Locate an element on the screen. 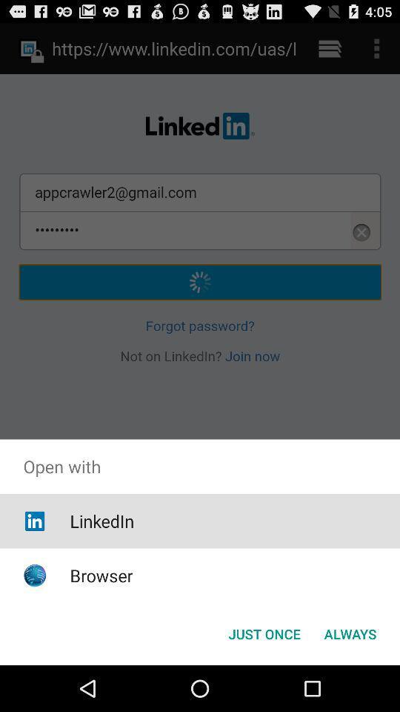  app below open with app is located at coordinates (264, 633).